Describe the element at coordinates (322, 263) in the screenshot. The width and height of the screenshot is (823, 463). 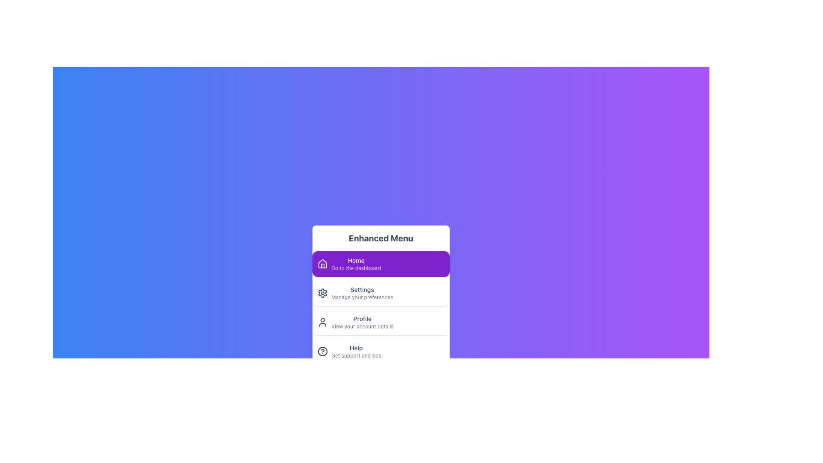
I see `the 'Home' icon located to the immediate left of the 'Home' text label within the first menu item of the list` at that location.